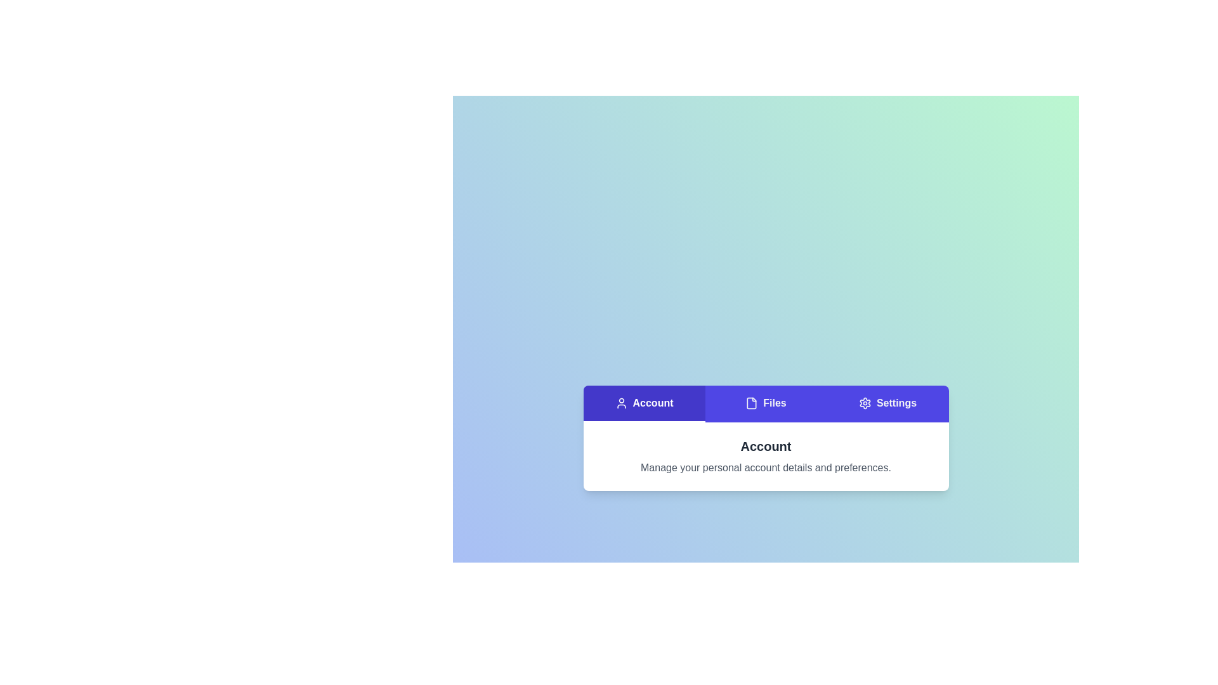  I want to click on the Files tab, so click(765, 403).